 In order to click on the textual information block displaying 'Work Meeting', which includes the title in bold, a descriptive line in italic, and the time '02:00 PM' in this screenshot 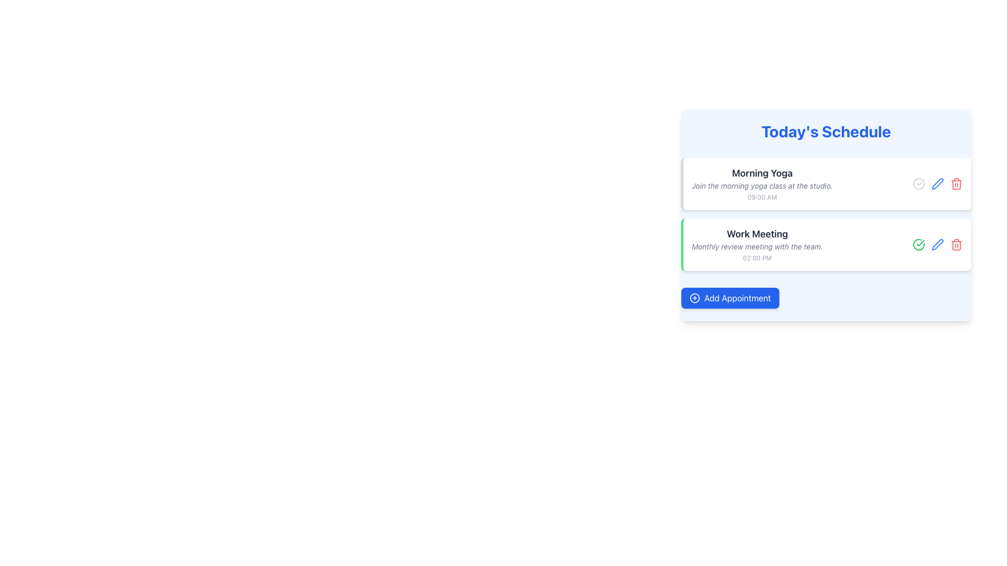, I will do `click(757, 244)`.